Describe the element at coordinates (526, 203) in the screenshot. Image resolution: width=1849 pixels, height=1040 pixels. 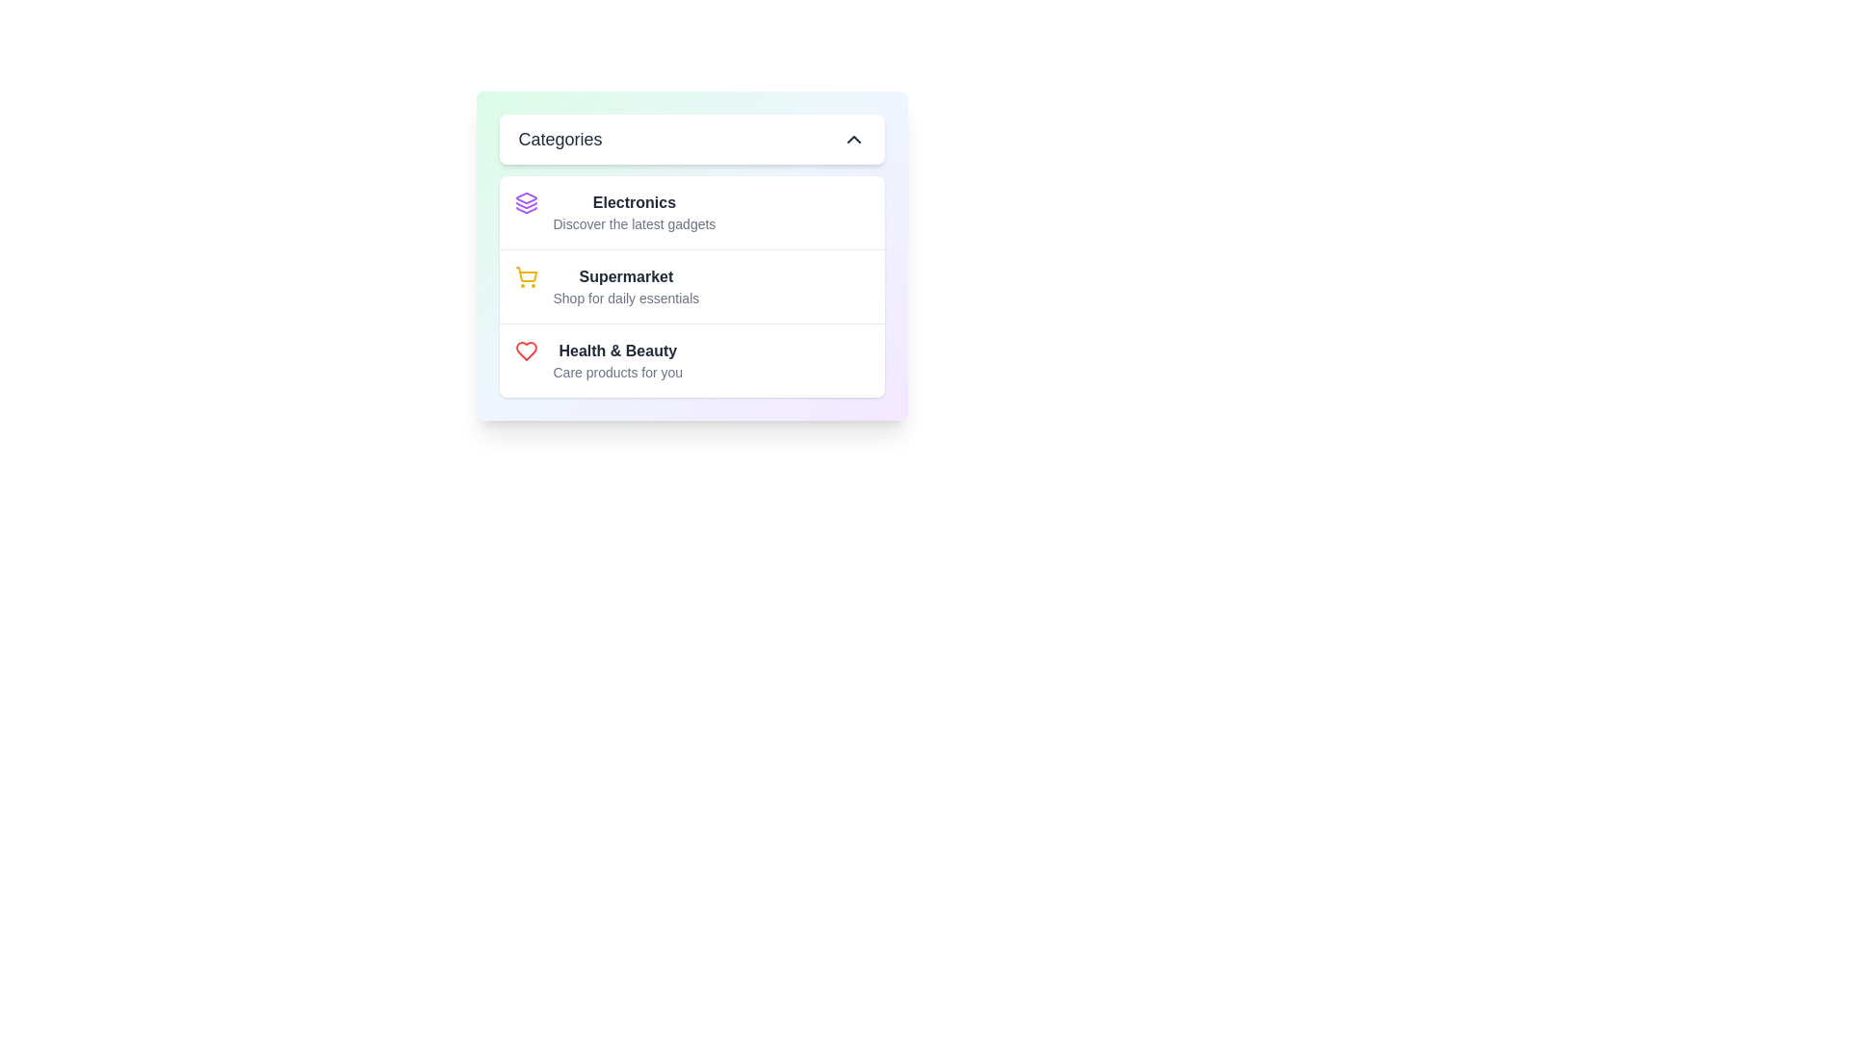
I see `the 'Electronics' category icon located within the 'Categories' panel, positioned to the left of the title 'Electronics'` at that location.